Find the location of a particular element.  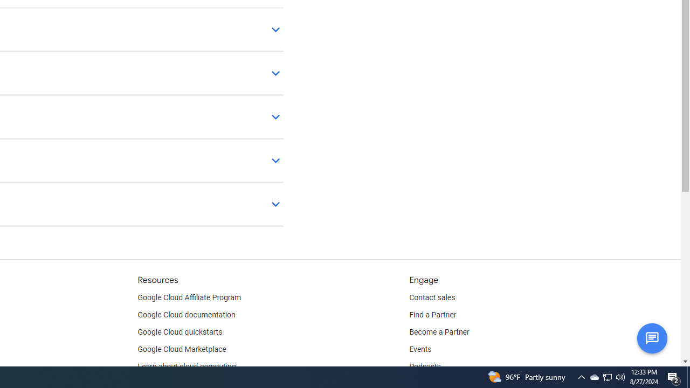

'Find a Partner' is located at coordinates (433, 315).